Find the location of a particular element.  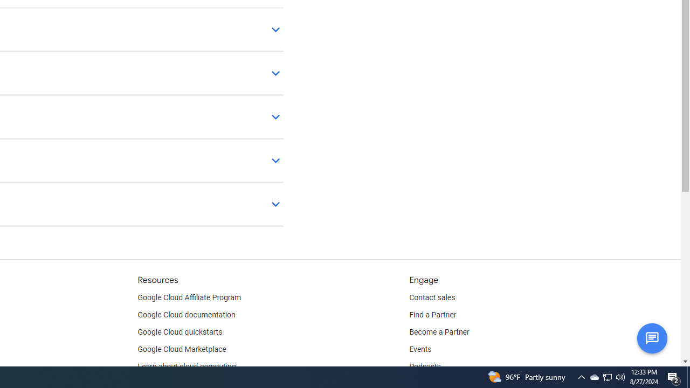

'Find a Partner' is located at coordinates (433, 315).